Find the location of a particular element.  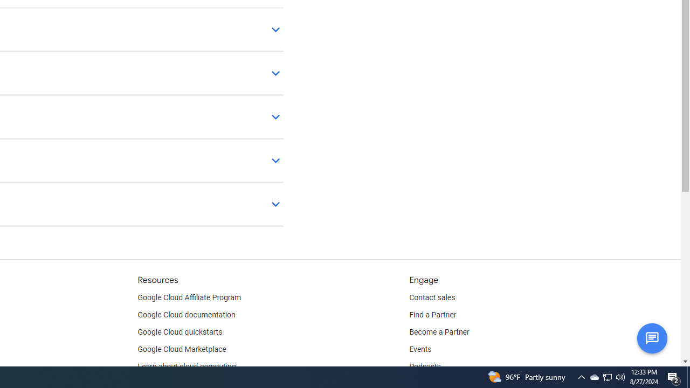

'Find a Partner' is located at coordinates (433, 315).